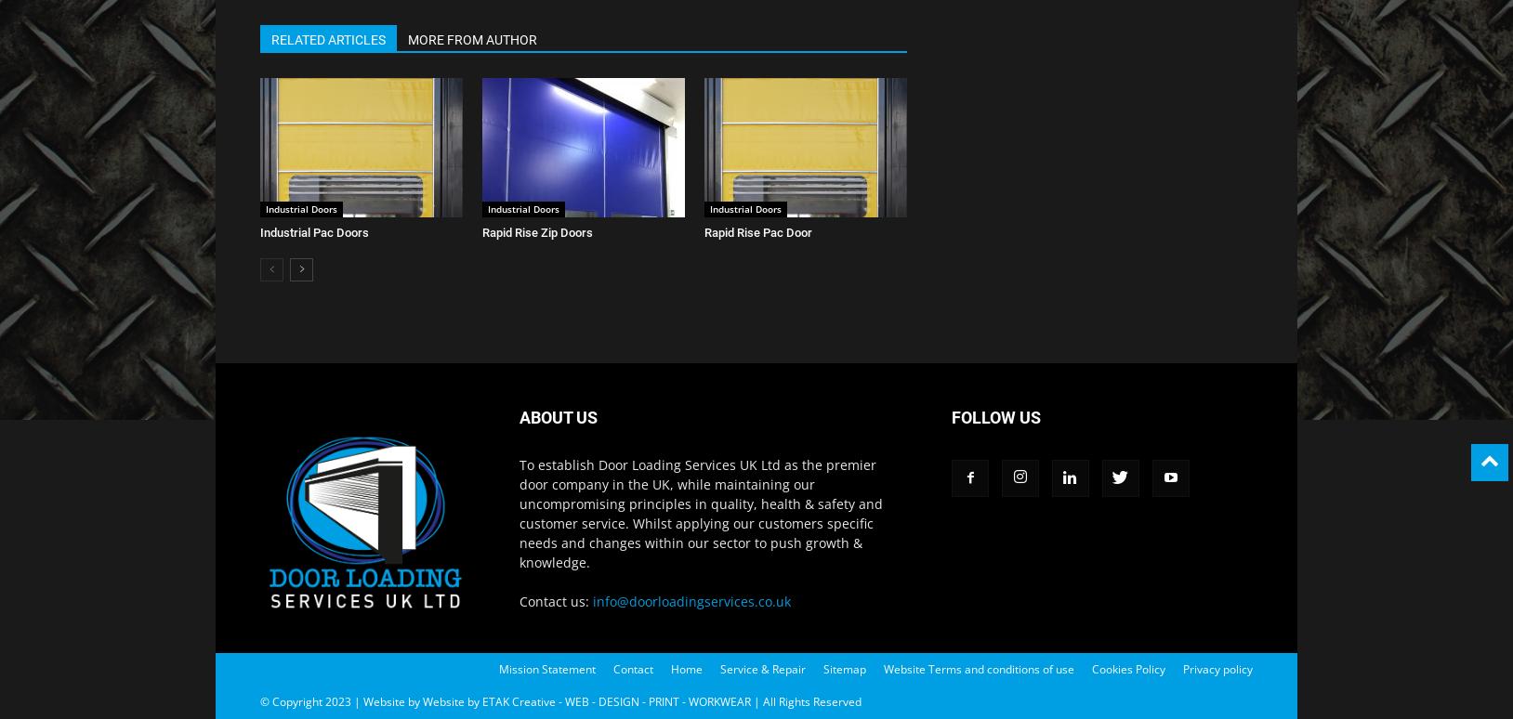  Describe the element at coordinates (558, 416) in the screenshot. I see `'ABOUT US'` at that location.